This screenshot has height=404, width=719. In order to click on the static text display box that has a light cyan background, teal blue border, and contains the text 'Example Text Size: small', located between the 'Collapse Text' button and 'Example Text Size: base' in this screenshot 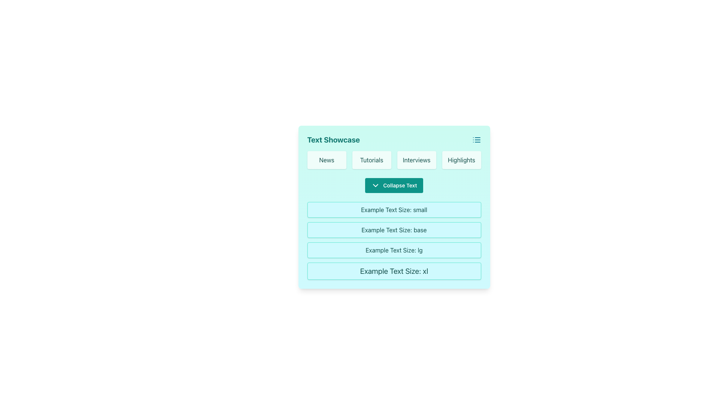, I will do `click(394, 209)`.